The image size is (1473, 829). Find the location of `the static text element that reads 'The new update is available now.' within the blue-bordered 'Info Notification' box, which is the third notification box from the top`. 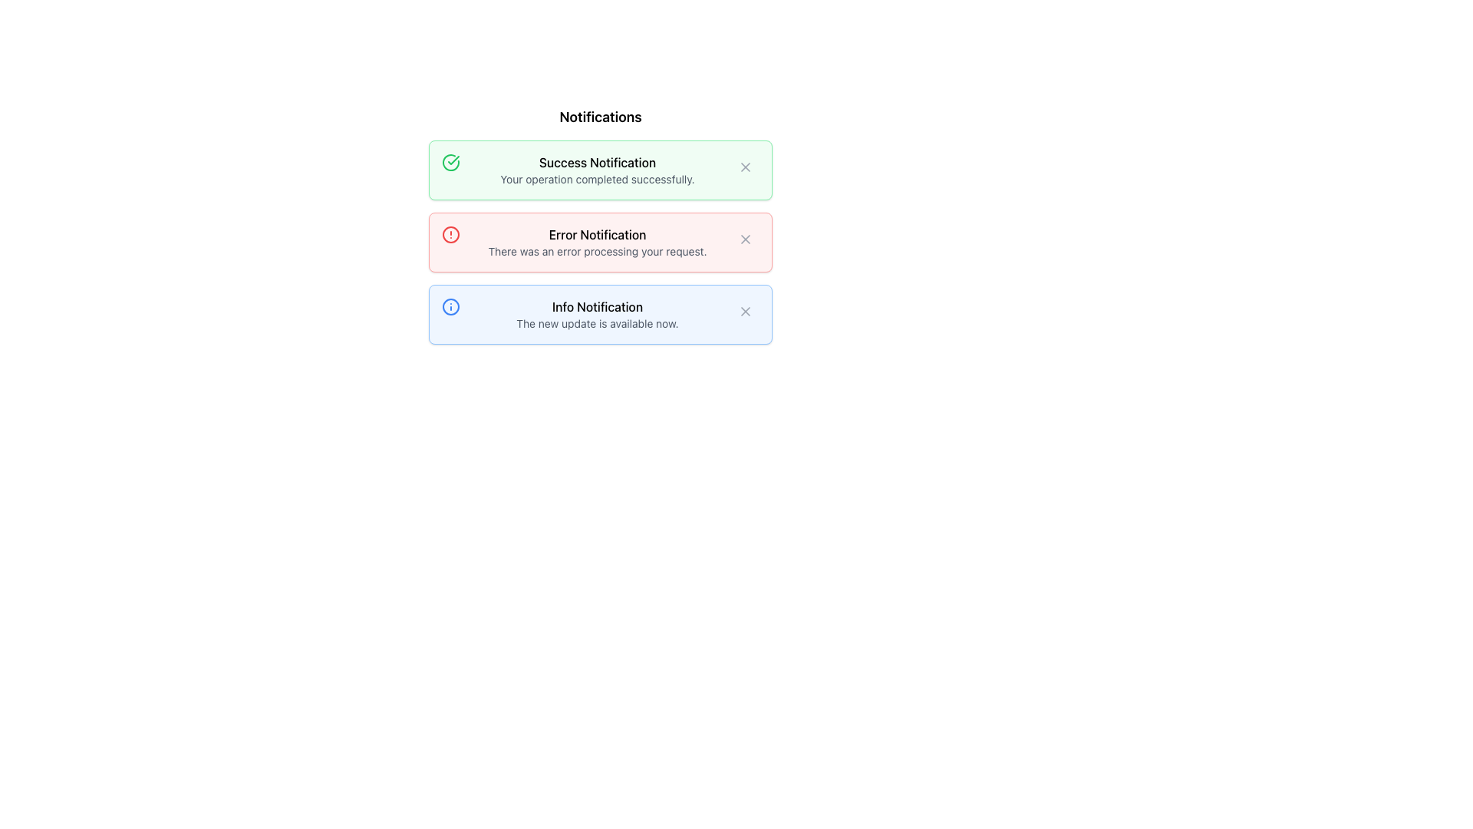

the static text element that reads 'The new update is available now.' within the blue-bordered 'Info Notification' box, which is the third notification box from the top is located at coordinates (596, 322).